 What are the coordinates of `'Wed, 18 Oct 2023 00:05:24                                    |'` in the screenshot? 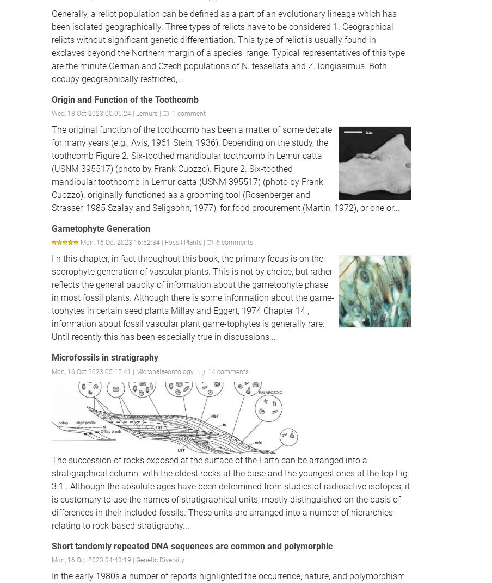 It's located at (94, 114).